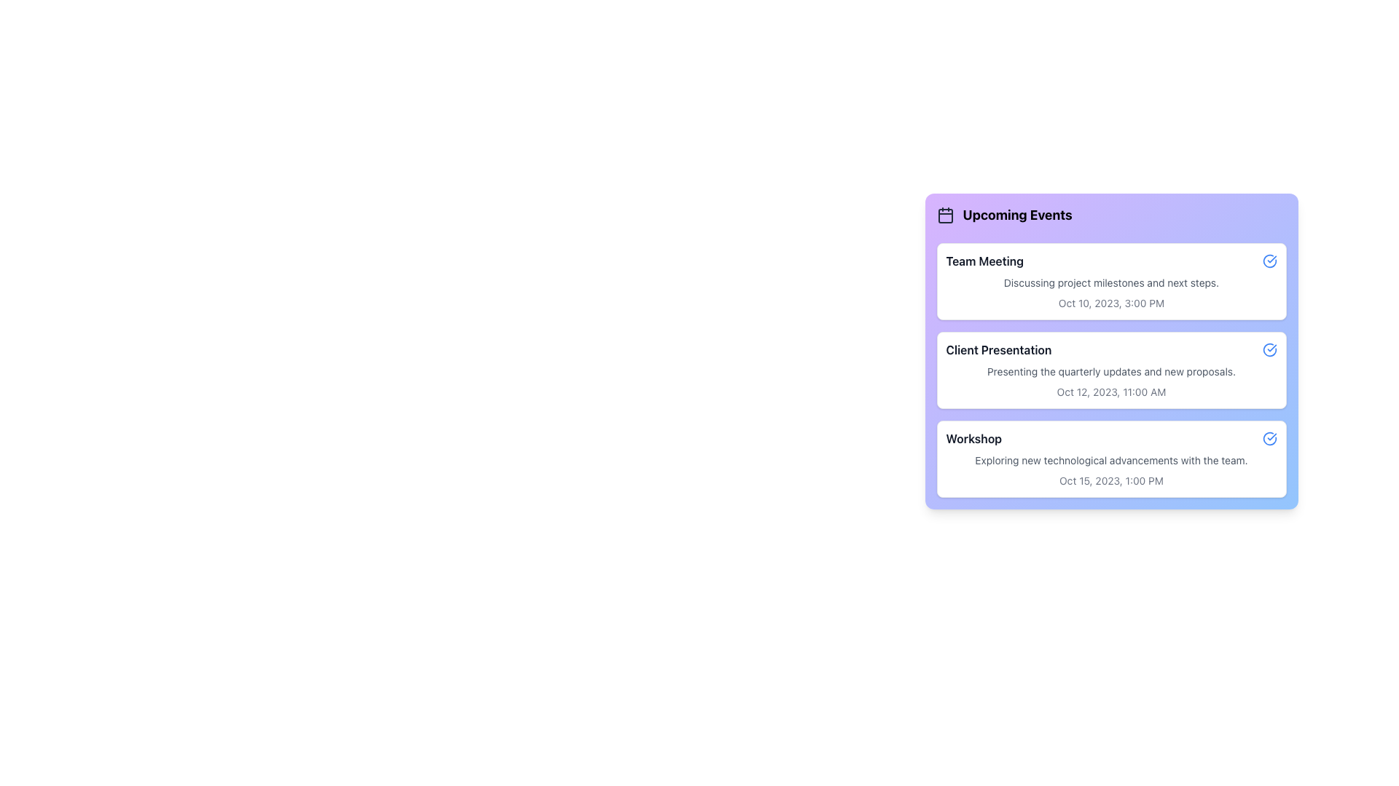 The width and height of the screenshot is (1399, 786). What do you see at coordinates (1269, 260) in the screenshot?
I see `the small circular checkmark icon located to the right of the 'Team Meeting' title in the first card under the 'Upcoming Events' section` at bounding box center [1269, 260].